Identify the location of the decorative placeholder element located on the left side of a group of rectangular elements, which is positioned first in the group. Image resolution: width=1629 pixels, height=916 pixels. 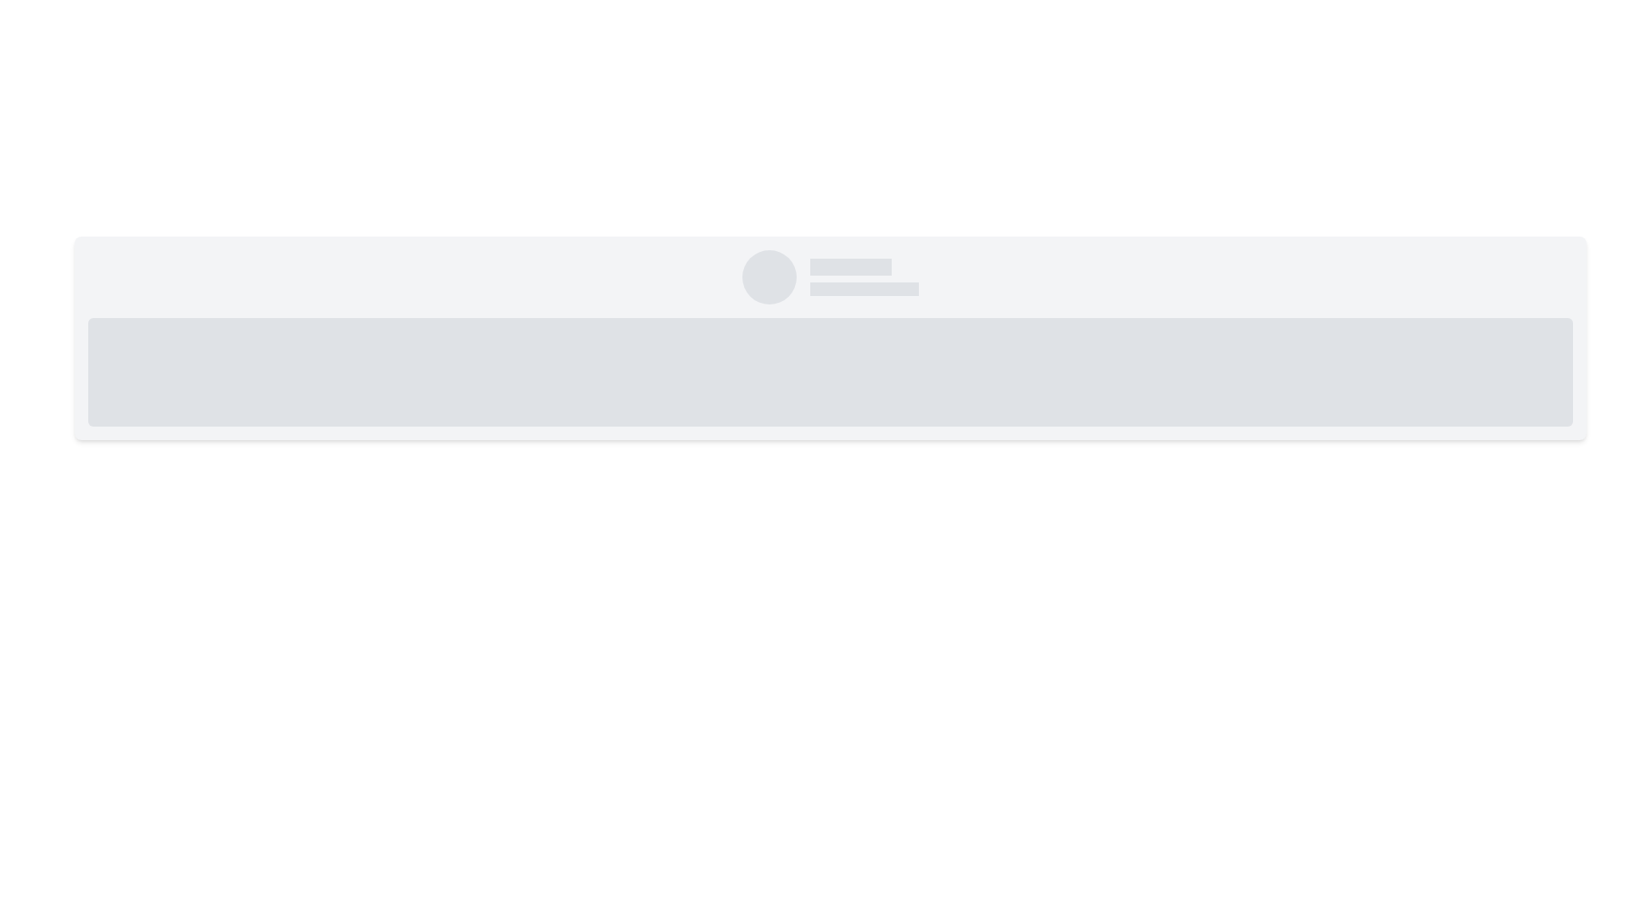
(769, 276).